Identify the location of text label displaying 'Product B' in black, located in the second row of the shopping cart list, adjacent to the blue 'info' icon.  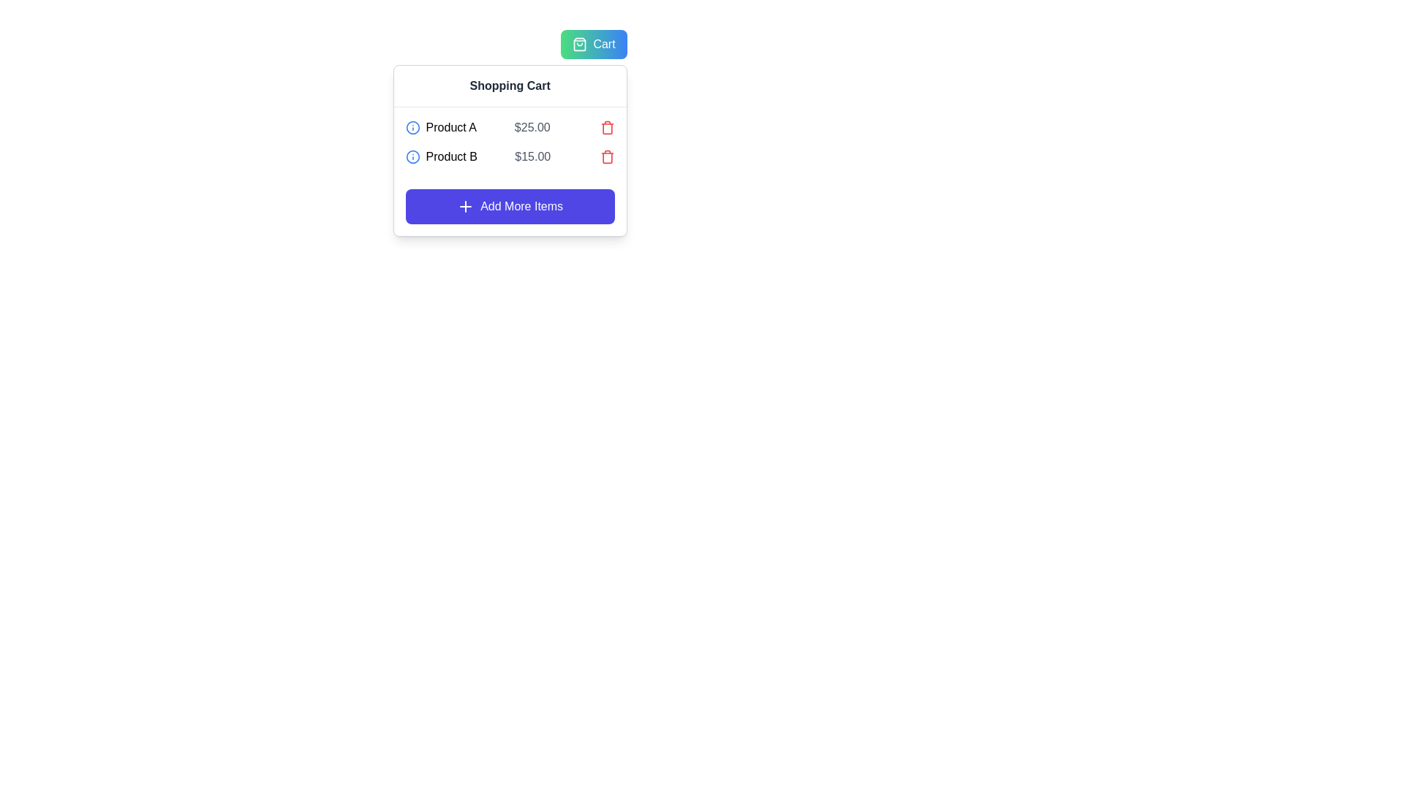
(440, 157).